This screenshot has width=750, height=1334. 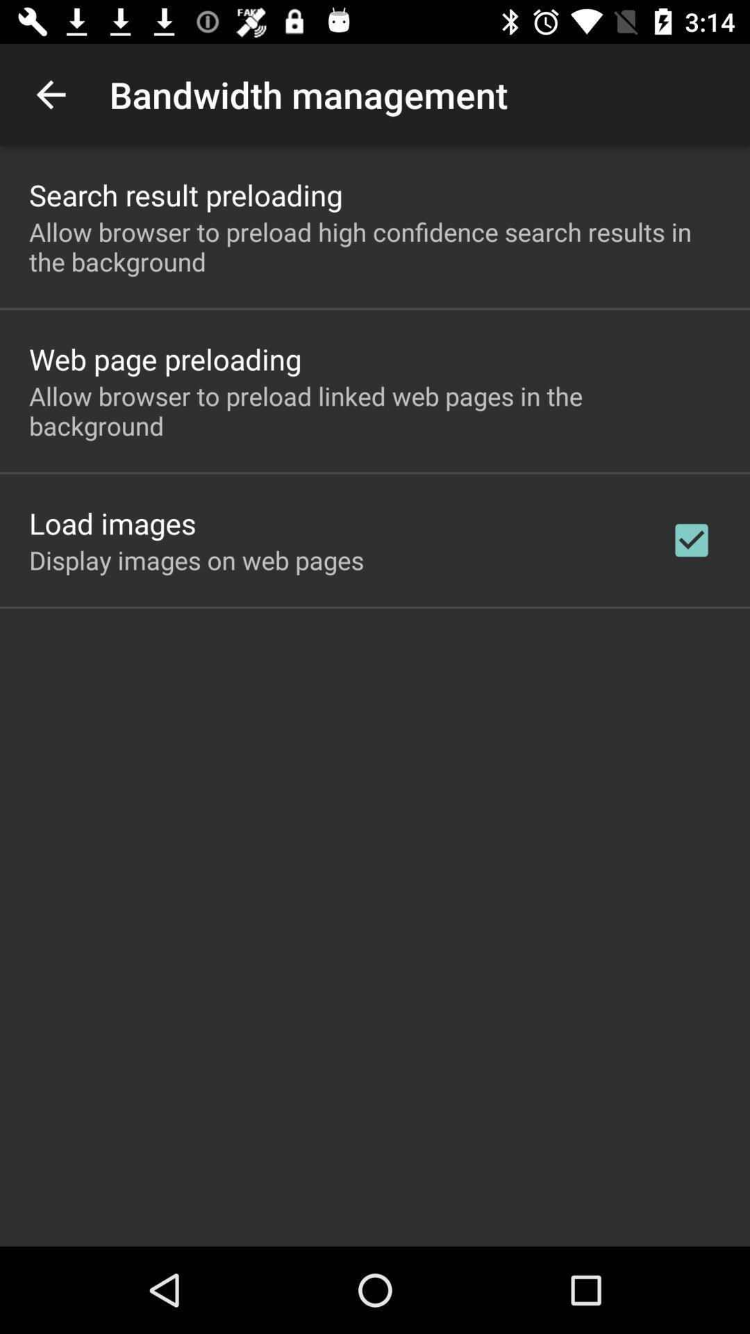 What do you see at coordinates (112, 522) in the screenshot?
I see `app below the allow browser to` at bounding box center [112, 522].